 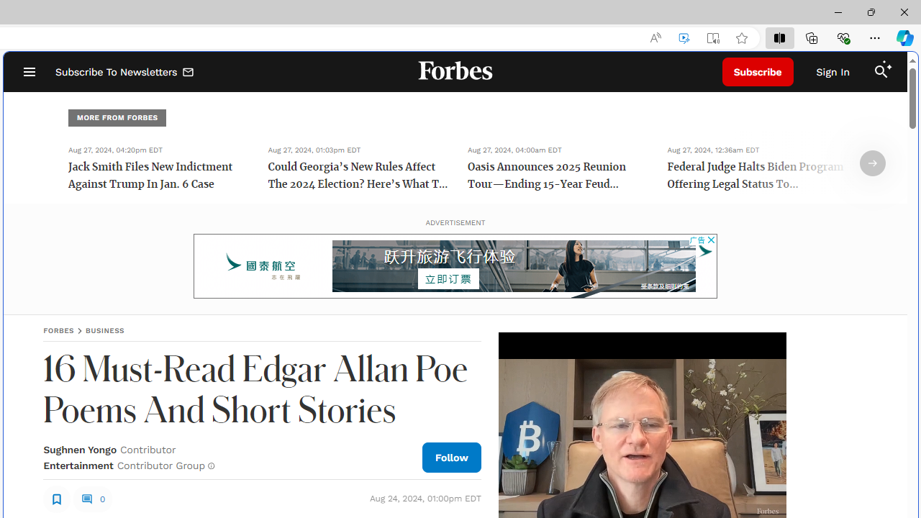 I want to click on 'Open Navigation Menu', so click(x=29, y=72).